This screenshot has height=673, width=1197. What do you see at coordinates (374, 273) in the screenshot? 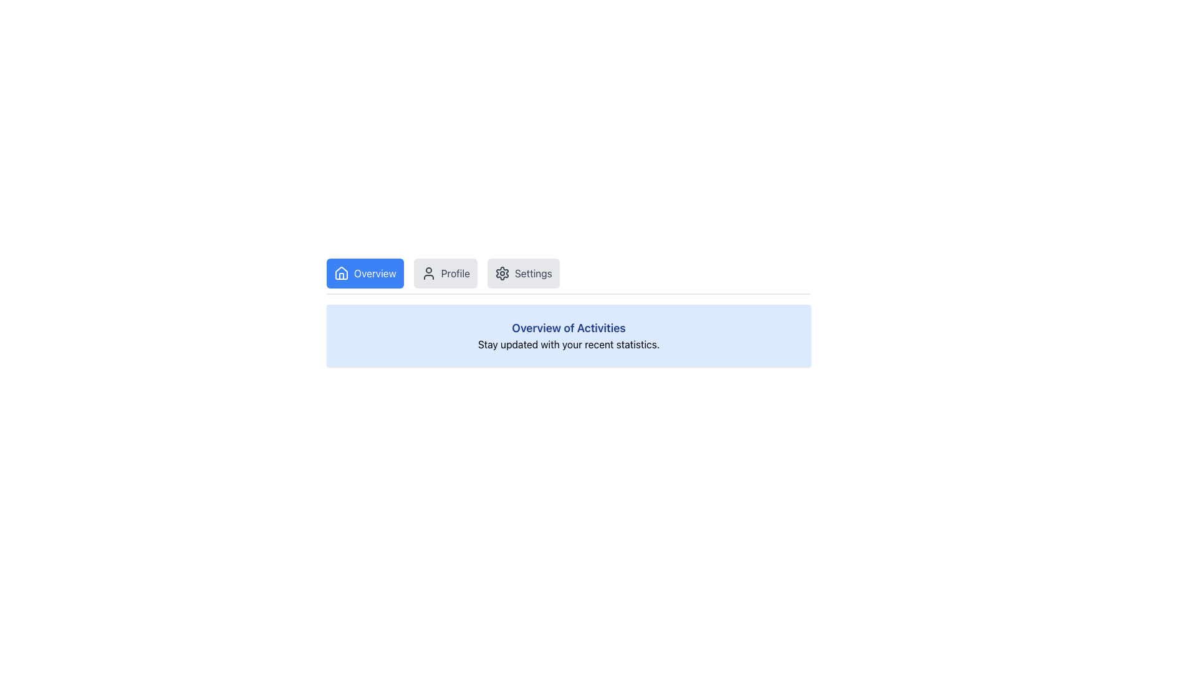
I see `the 'Overview' text label, which is located on a vibrant blue rounded rectangular button in the navigation bar, to potentially reveal additional information or visual feedback` at bounding box center [374, 273].